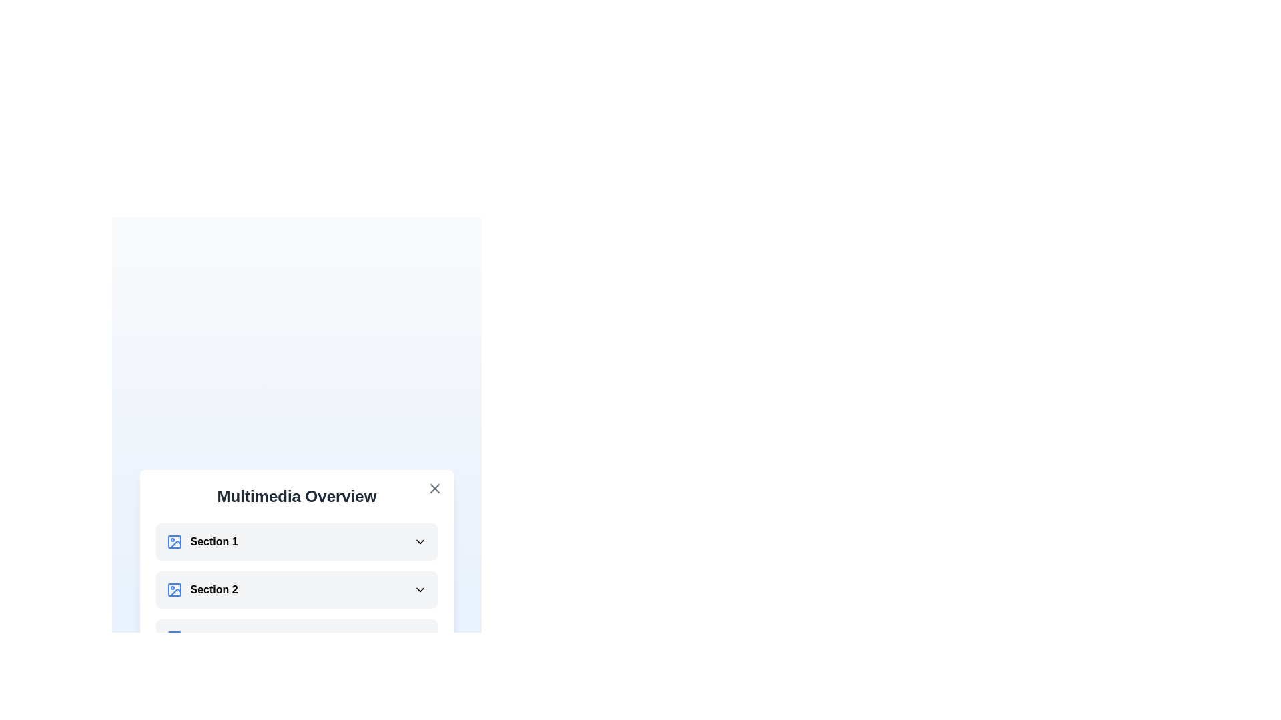 This screenshot has height=720, width=1281. Describe the element at coordinates (296, 589) in the screenshot. I see `the dropdown menu labeled 'Section 2' to change its appearance` at that location.